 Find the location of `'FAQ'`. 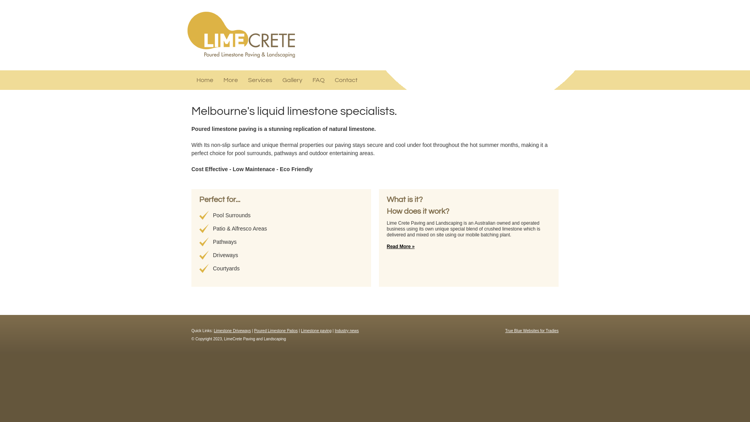

'FAQ' is located at coordinates (318, 80).